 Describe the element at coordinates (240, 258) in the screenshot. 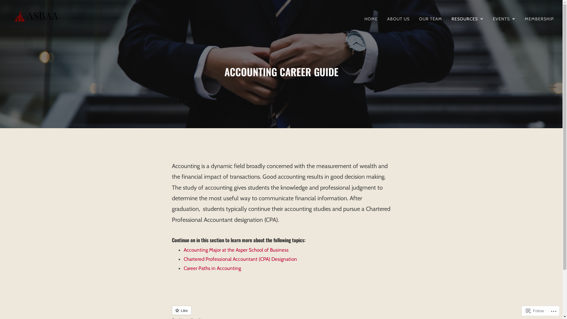

I see `'Chartered Professional Accountant (CPA) Designation'` at that location.